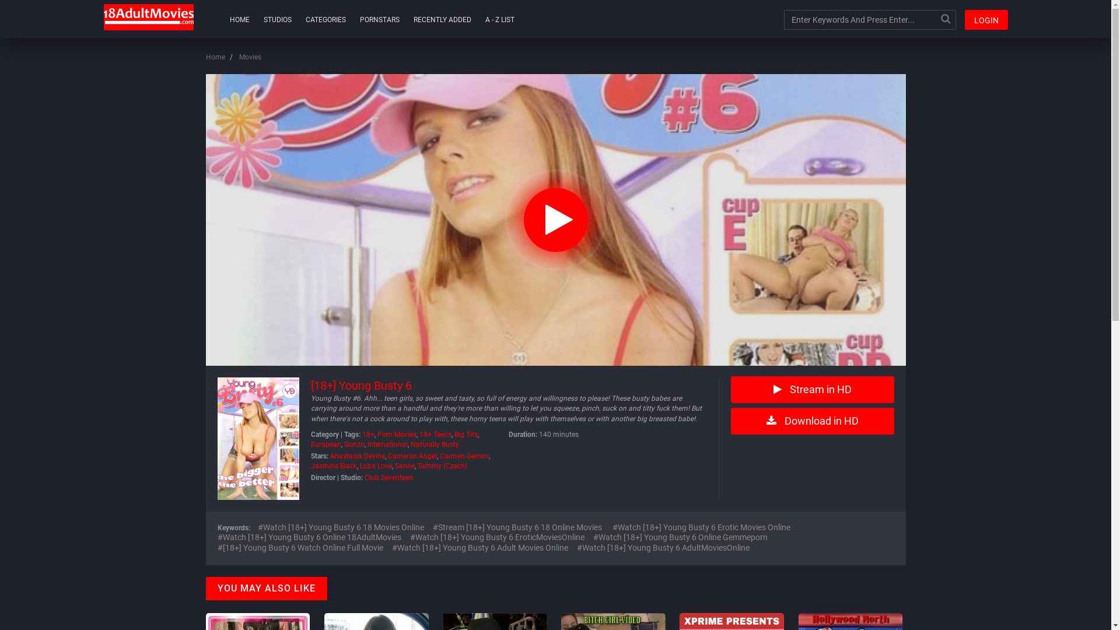 The width and height of the screenshot is (1120, 630). I want to click on '18+', so click(367, 434).